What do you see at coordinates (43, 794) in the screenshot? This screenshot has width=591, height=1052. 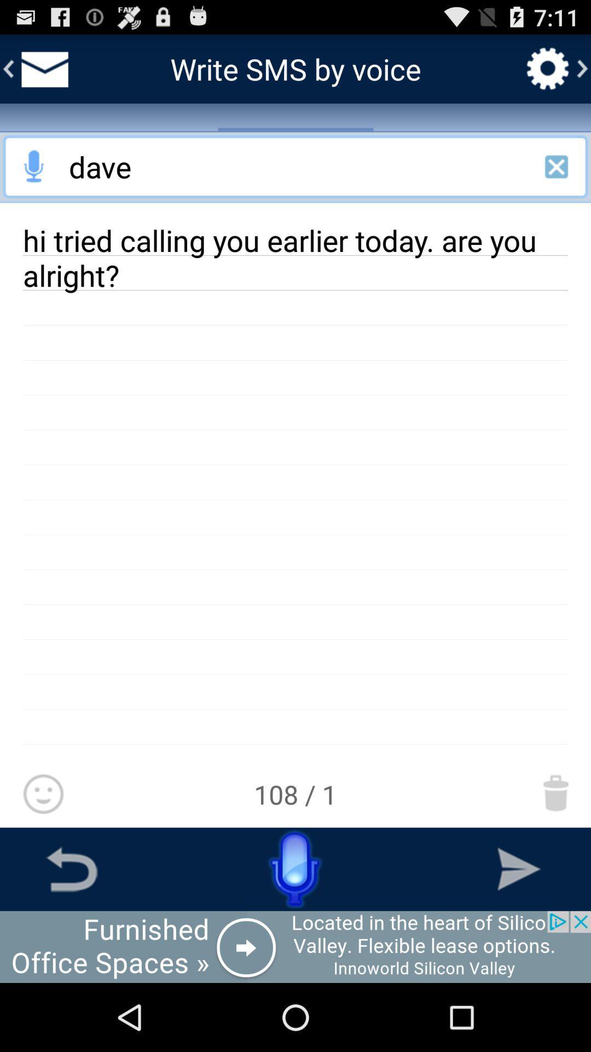 I see `an emoji` at bounding box center [43, 794].